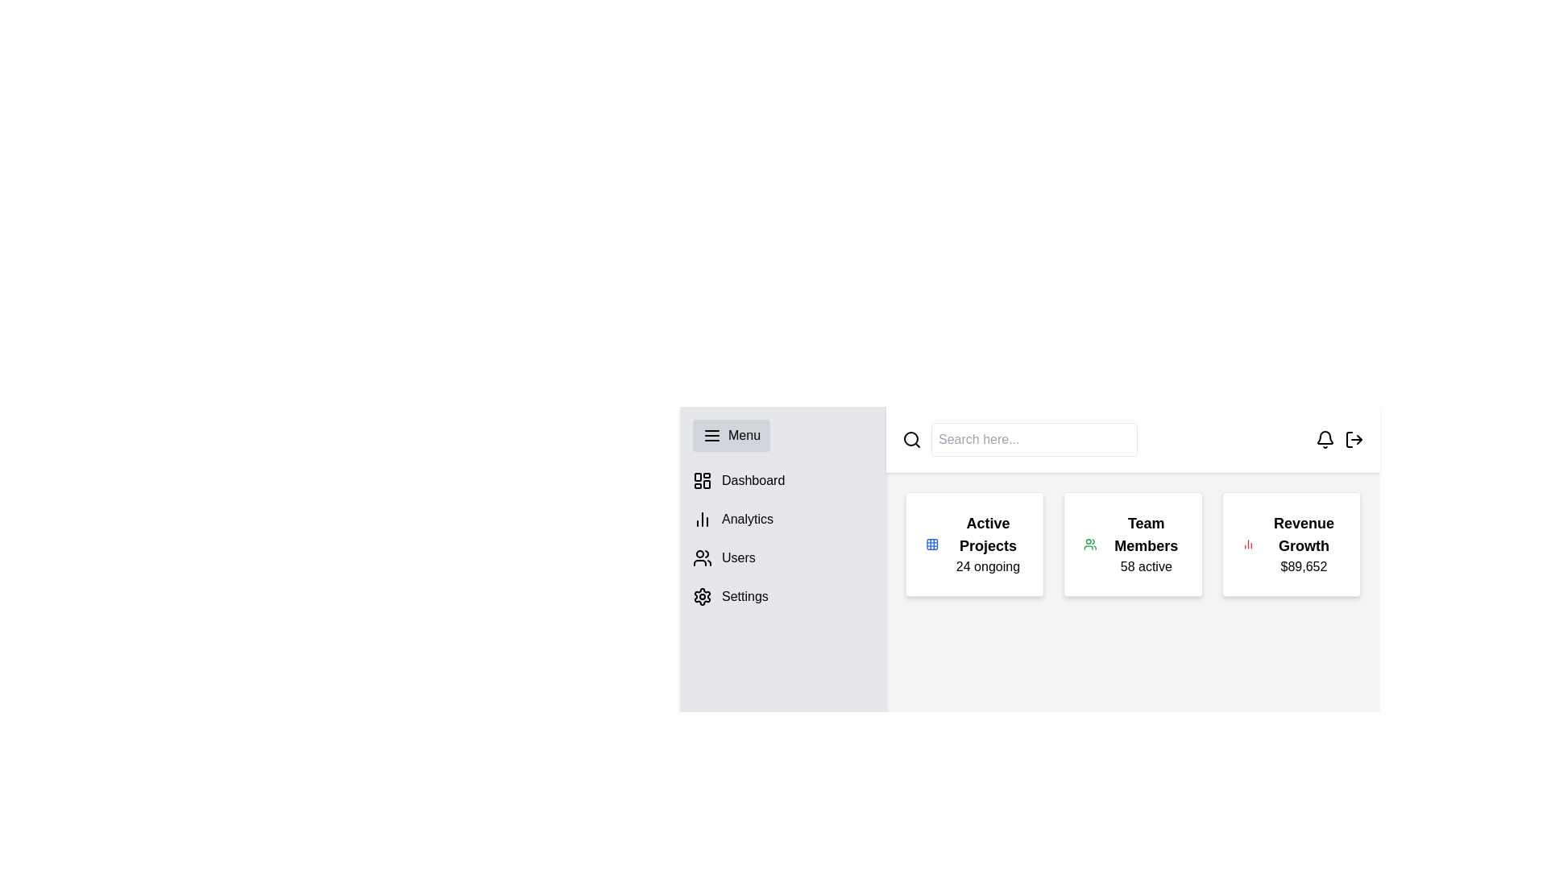 This screenshot has width=1547, height=870. Describe the element at coordinates (703, 480) in the screenshot. I see `the compact grid-like icon located beside the 'Dashboard' label in the vertical menu` at that location.